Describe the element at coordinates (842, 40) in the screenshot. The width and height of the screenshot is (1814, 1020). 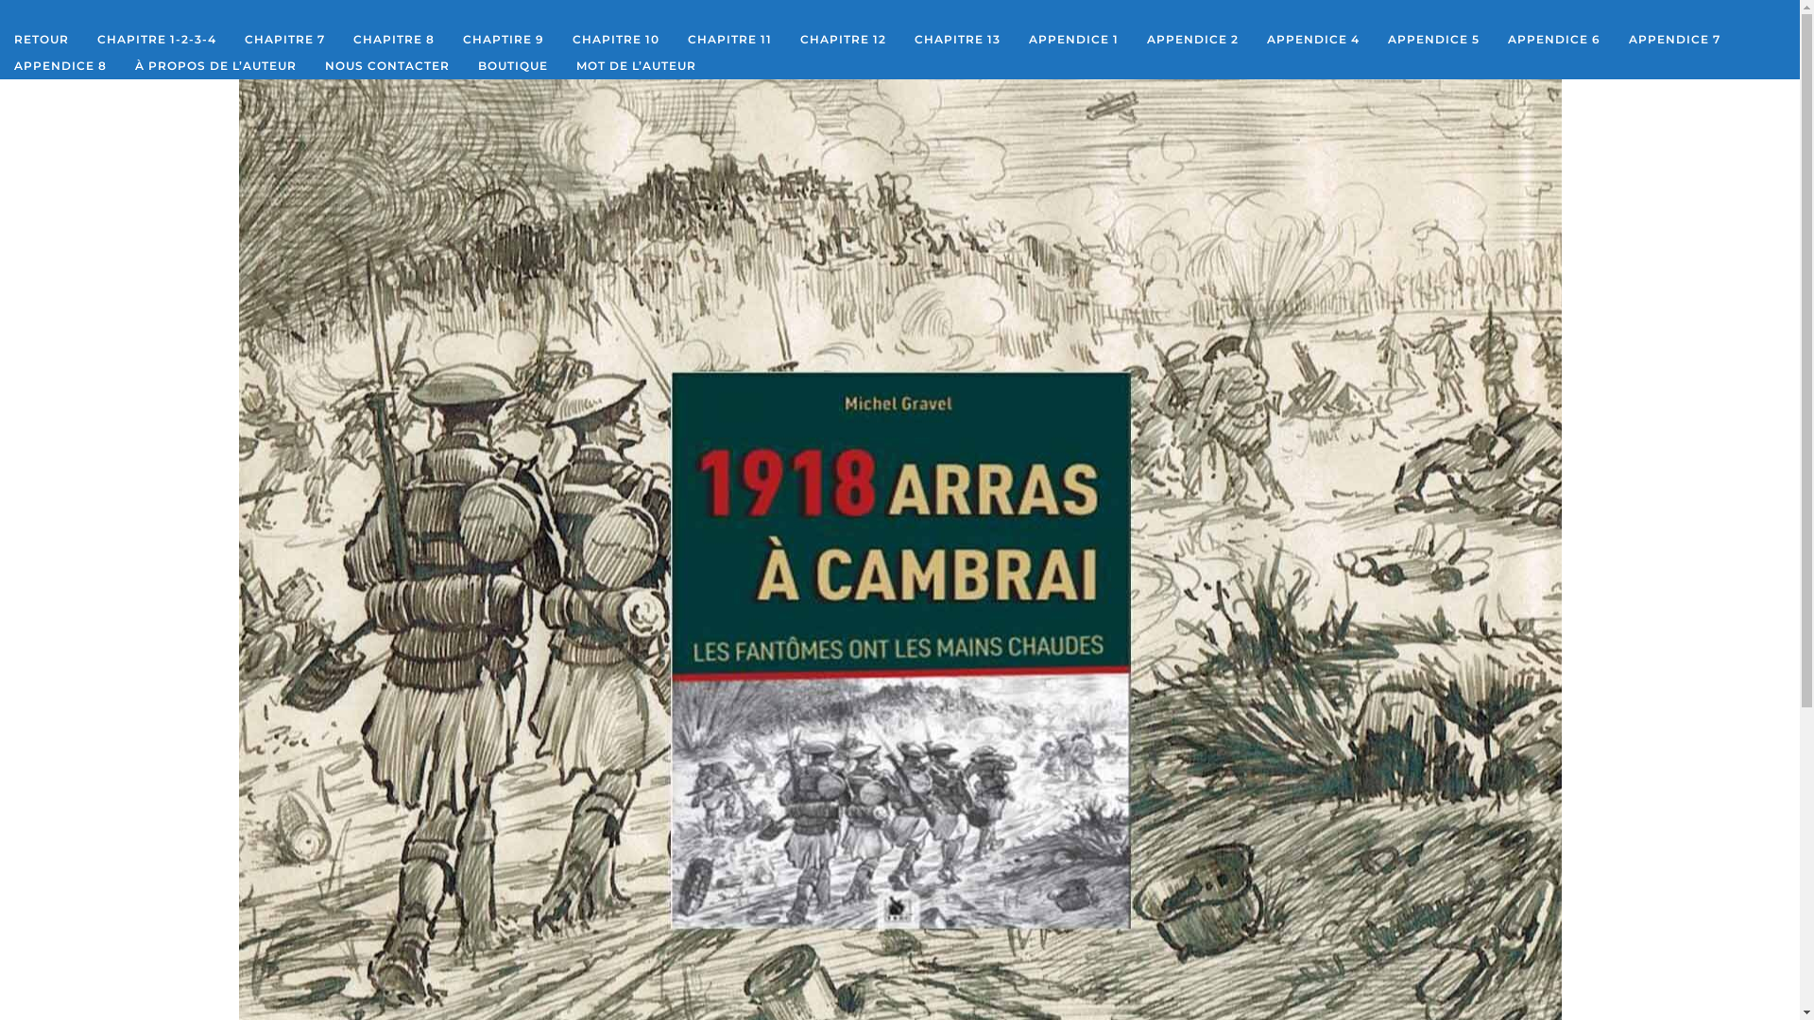
I see `'CHAPITRE 12'` at that location.